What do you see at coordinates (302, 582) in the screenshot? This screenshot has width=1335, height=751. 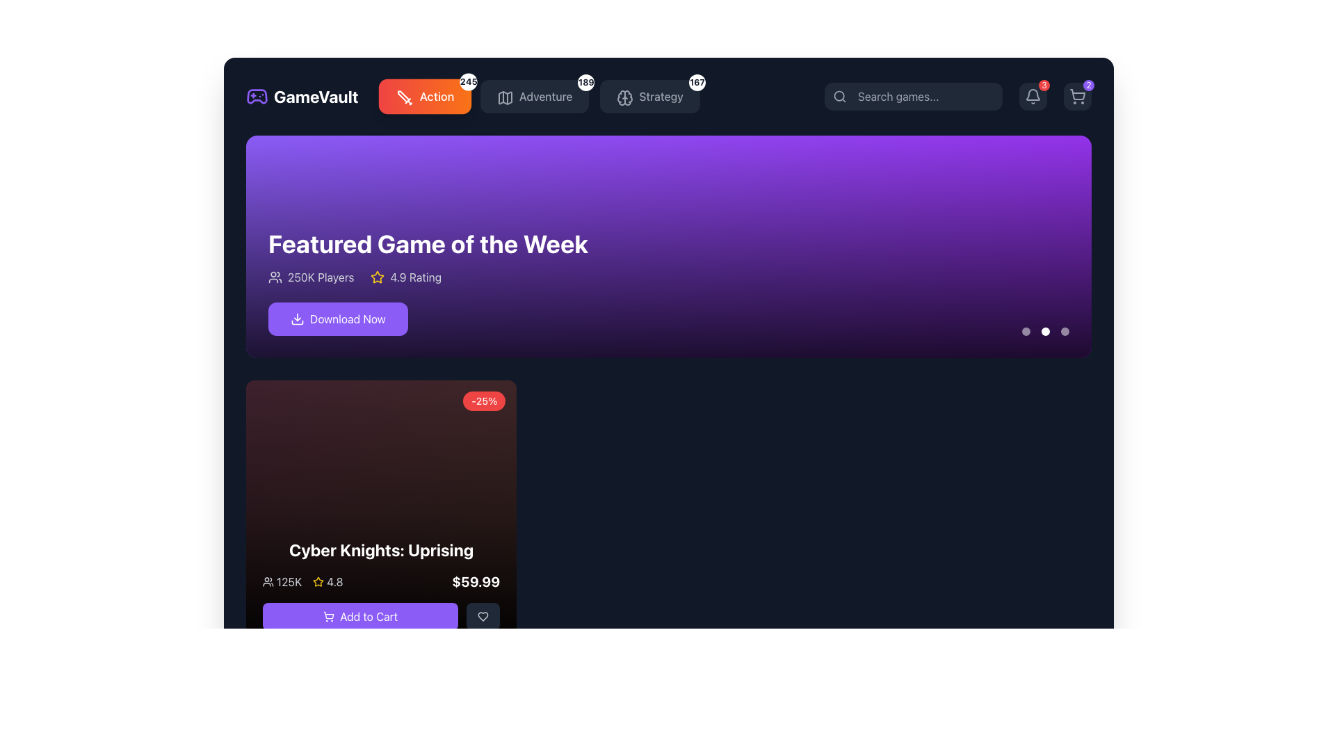 I see `the user-related statistics and ratings information display component located beneath the 'Cyber Knights: Uprising' title and to the left of the price '$59.99'` at bounding box center [302, 582].